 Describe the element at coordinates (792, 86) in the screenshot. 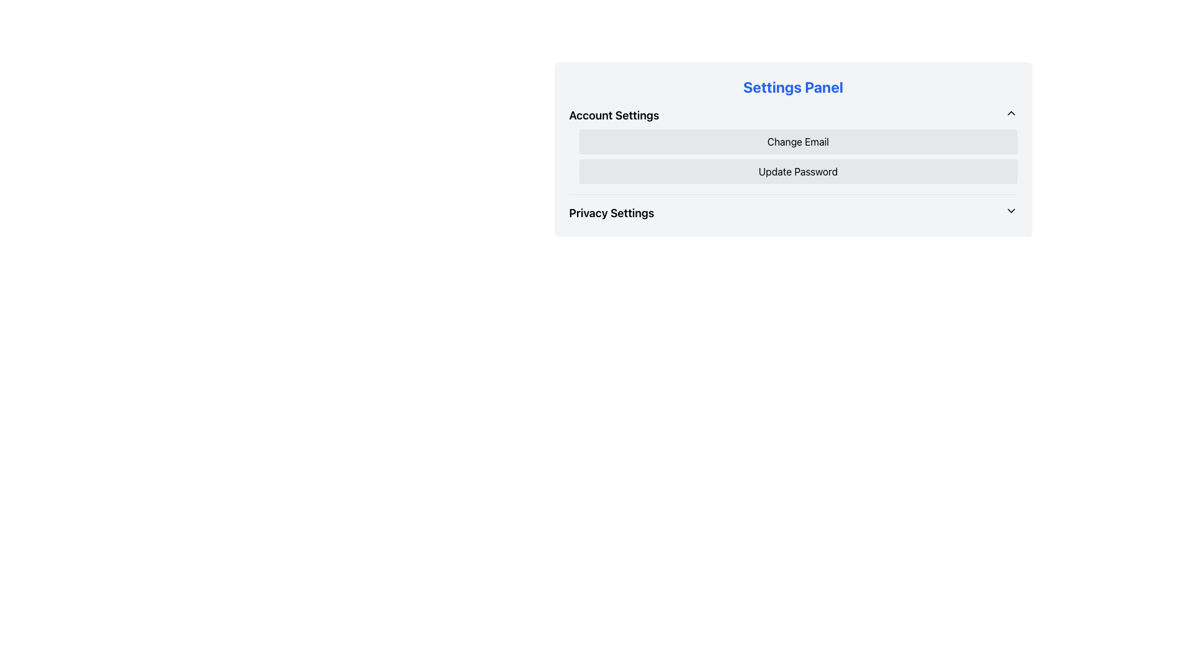

I see `the 'Settings Panel' heading, which is styled with a bold, extra-large blue font and is positioned at the top of the panel interface` at that location.